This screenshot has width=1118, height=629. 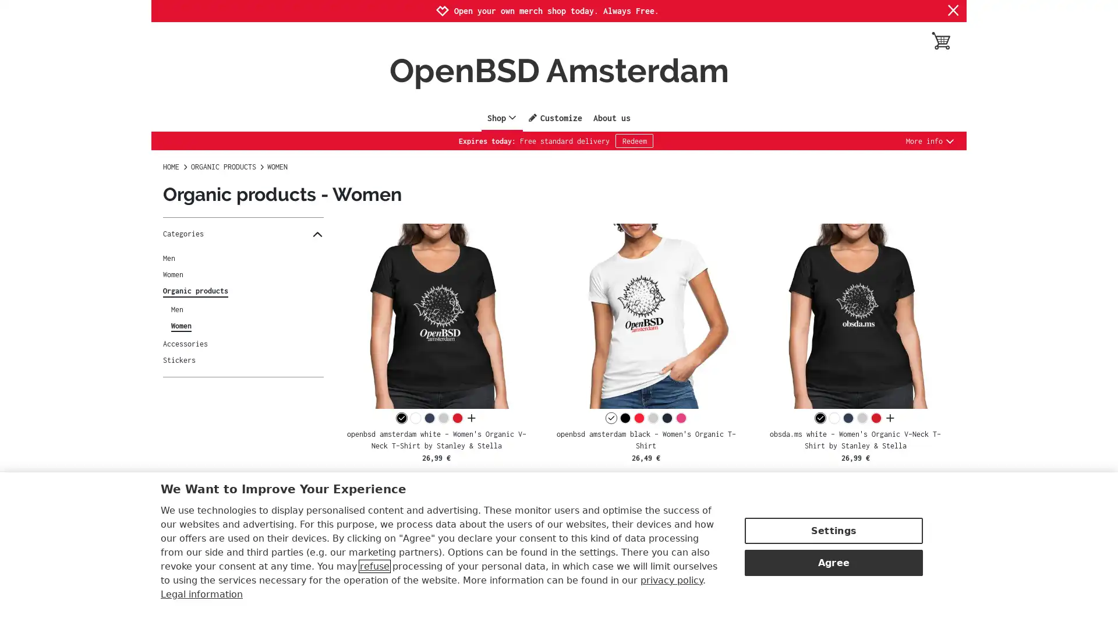 I want to click on heather grey, so click(x=443, y=418).